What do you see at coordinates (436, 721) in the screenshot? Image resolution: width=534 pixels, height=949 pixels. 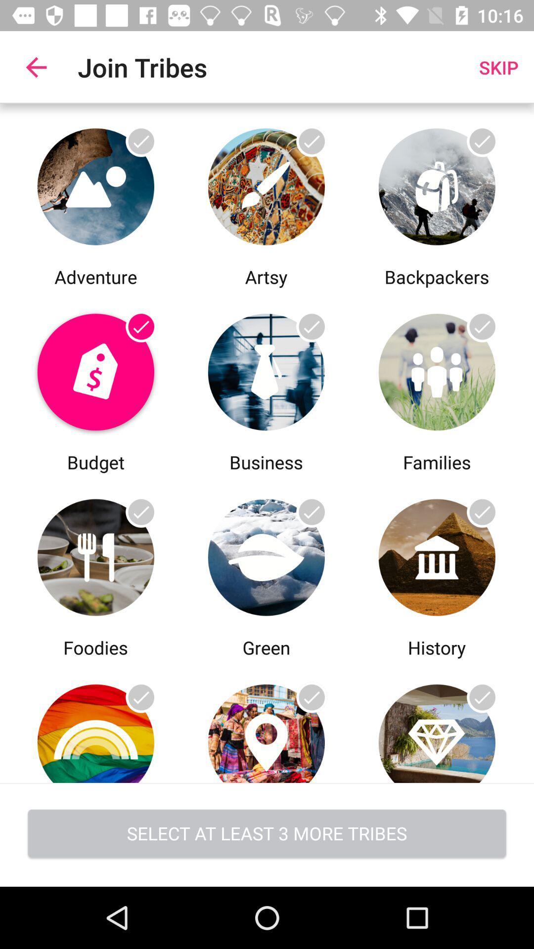 I see `the history tribe` at bounding box center [436, 721].